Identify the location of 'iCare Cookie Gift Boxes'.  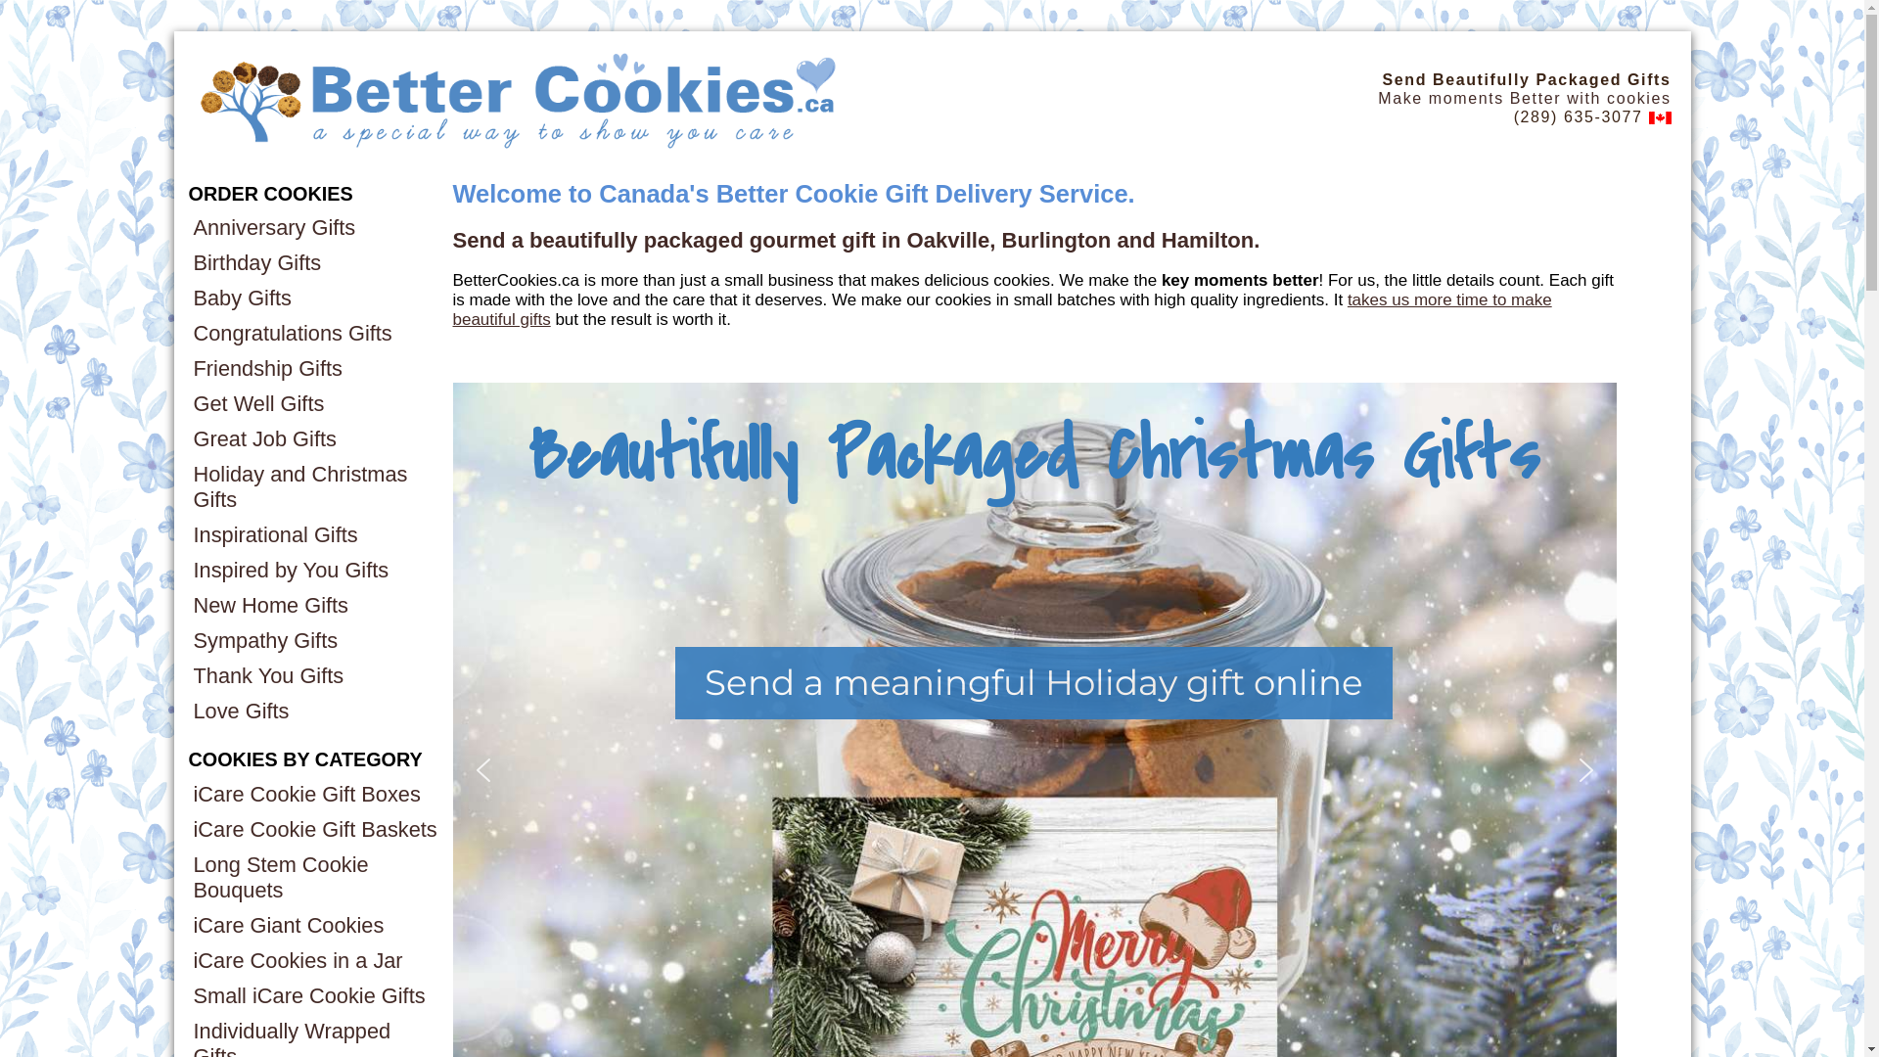
(314, 795).